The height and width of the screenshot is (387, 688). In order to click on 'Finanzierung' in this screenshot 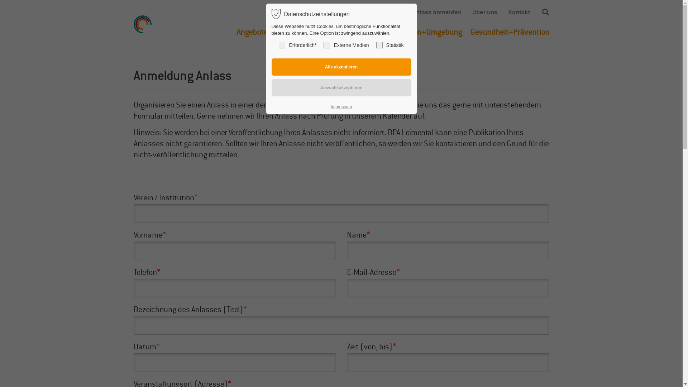, I will do `click(297, 32)`.